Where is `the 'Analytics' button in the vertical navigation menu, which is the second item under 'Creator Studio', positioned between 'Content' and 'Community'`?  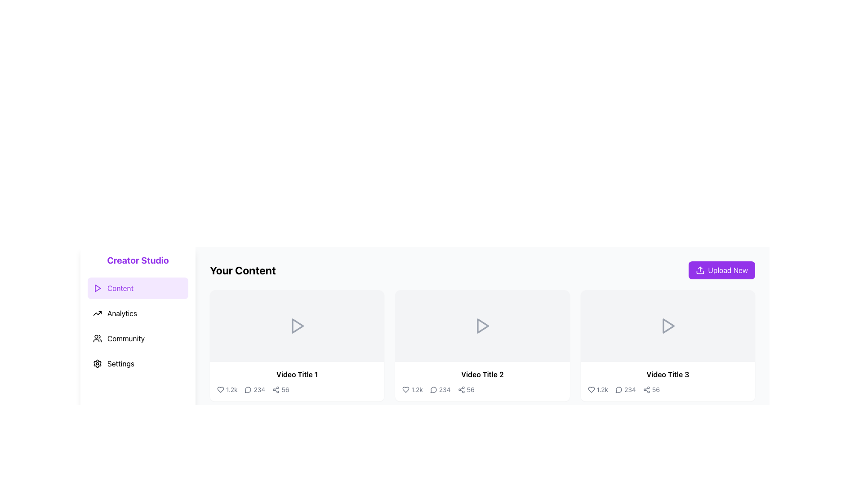
the 'Analytics' button in the vertical navigation menu, which is the second item under 'Creator Studio', positioned between 'Content' and 'Community' is located at coordinates (138, 326).